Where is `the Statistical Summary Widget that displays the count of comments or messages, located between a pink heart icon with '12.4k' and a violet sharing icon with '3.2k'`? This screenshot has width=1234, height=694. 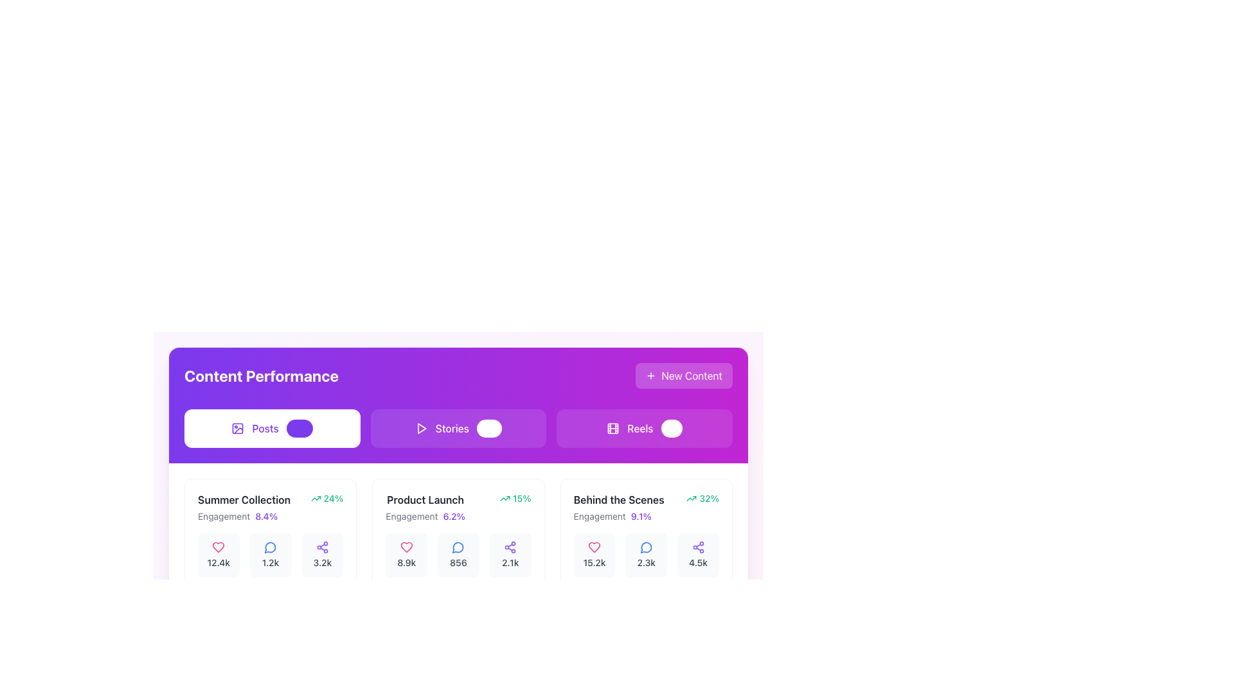
the Statistical Summary Widget that displays the count of comments or messages, located between a pink heart icon with '12.4k' and a violet sharing icon with '3.2k' is located at coordinates (270, 555).